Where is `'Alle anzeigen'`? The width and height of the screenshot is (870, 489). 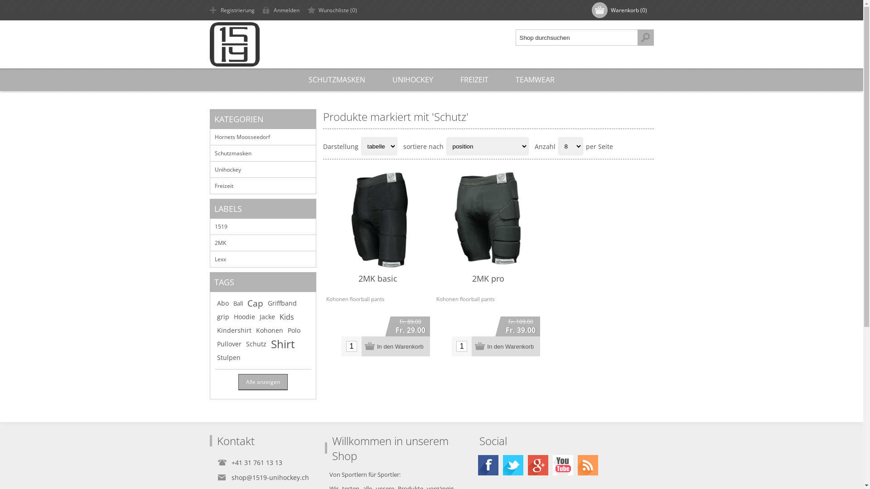
'Alle anzeigen' is located at coordinates (238, 382).